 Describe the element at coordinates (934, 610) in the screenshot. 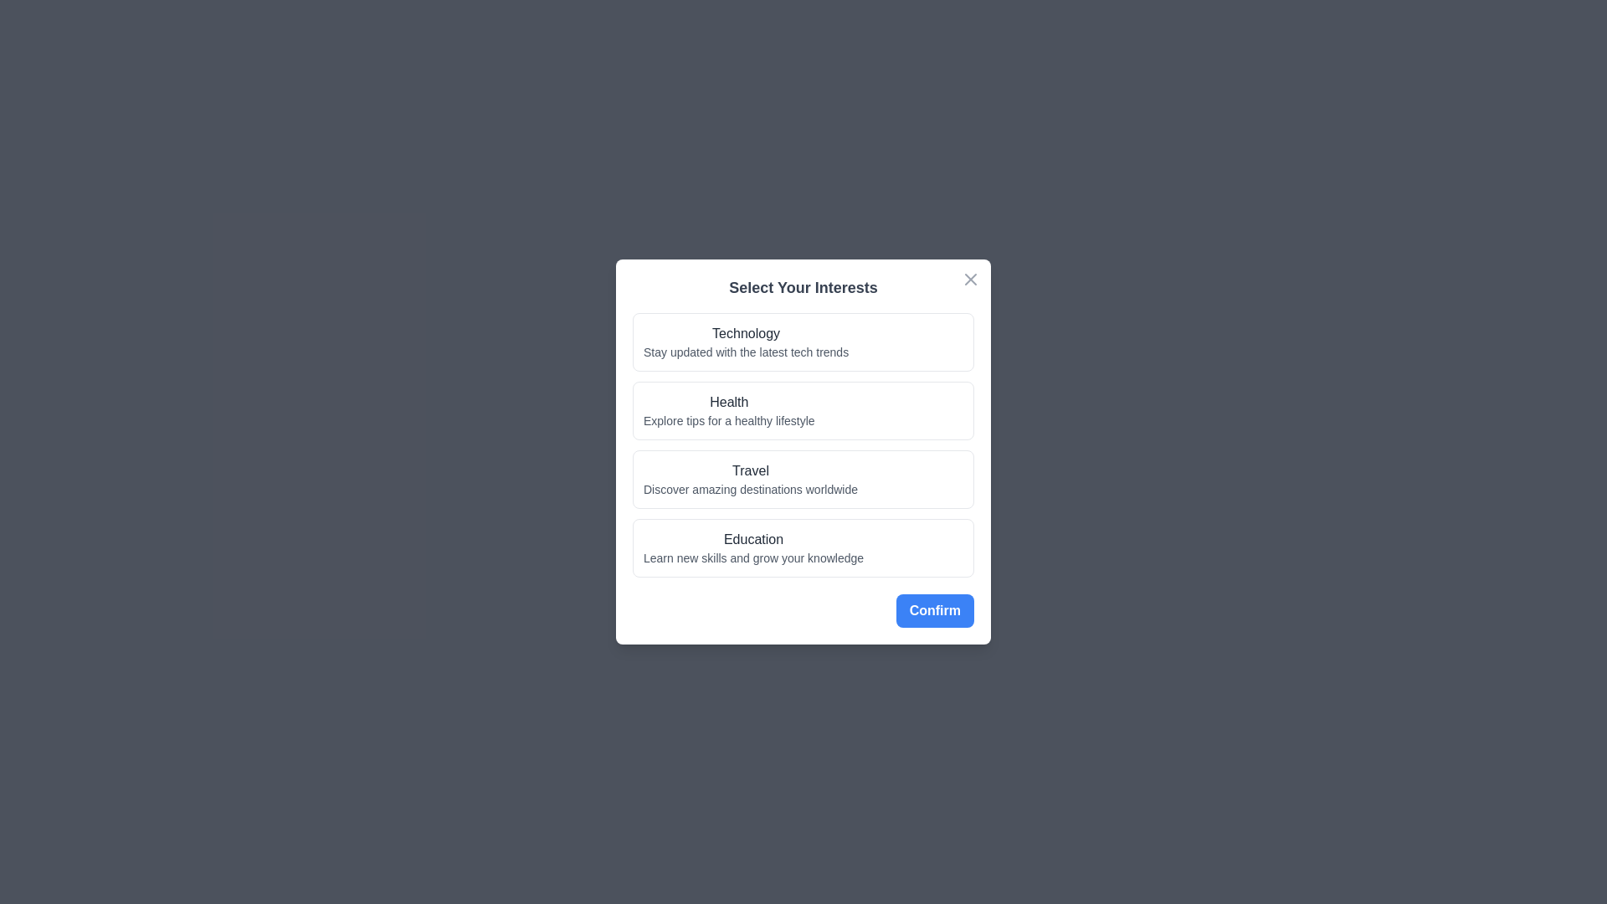

I see `the confirm button to submit the selected interests` at that location.